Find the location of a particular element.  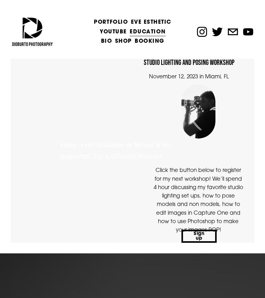

'Fitness' is located at coordinates (104, 68).